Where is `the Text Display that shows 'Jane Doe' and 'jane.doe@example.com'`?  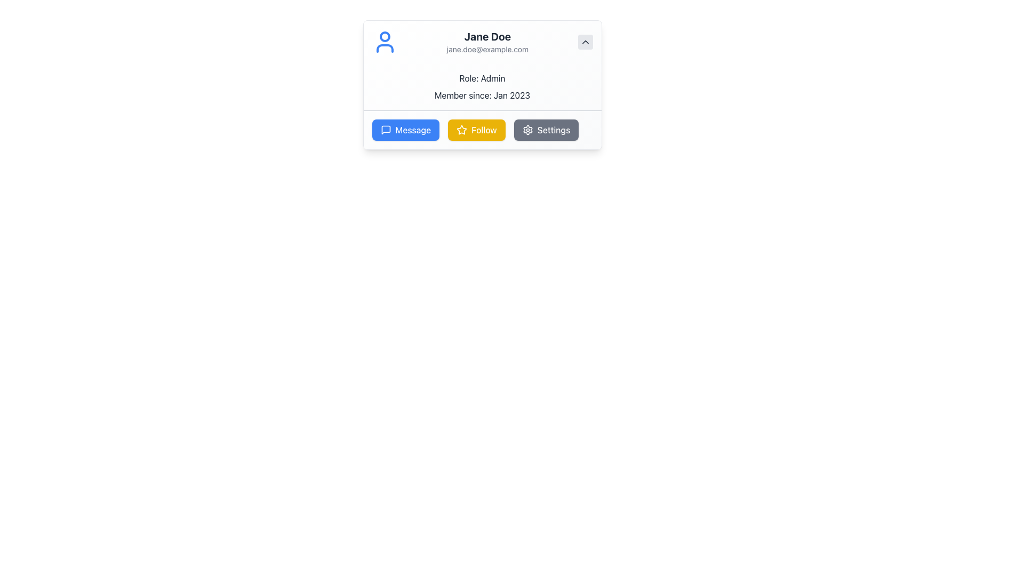
the Text Display that shows 'Jane Doe' and 'jane.doe@example.com' is located at coordinates (487, 41).